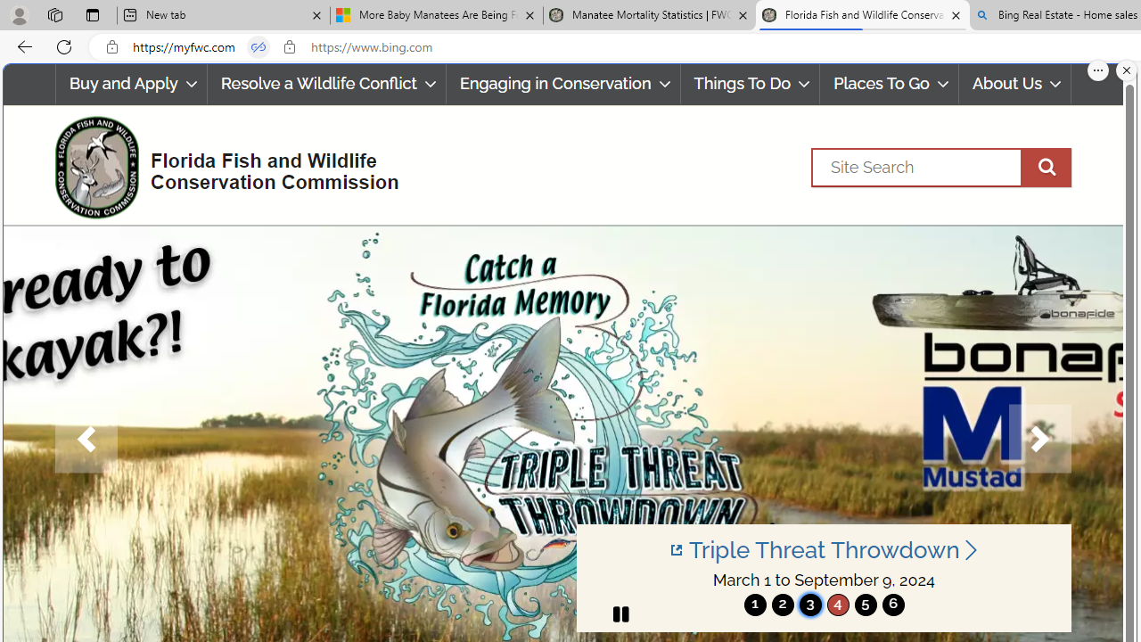 This screenshot has height=642, width=1141. I want to click on '3', so click(809, 604).